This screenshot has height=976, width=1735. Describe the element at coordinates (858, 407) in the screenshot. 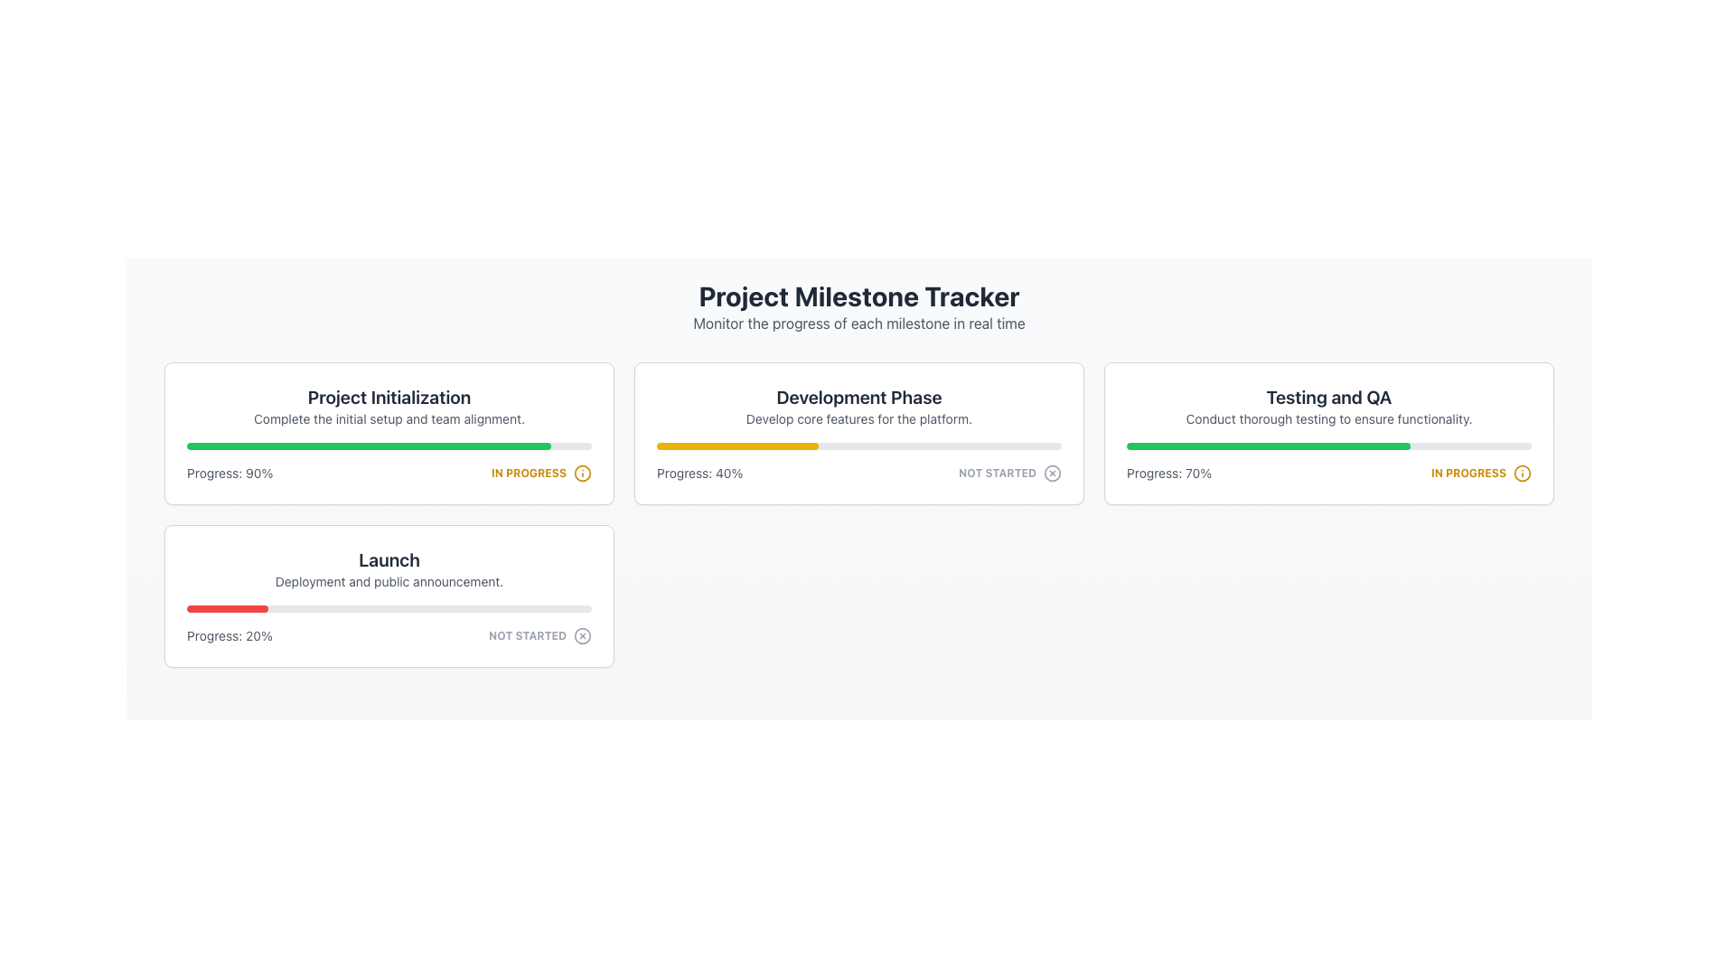

I see `text content located at the top of the central milestone card in the 2x2 grid layout, which provides the phase name and a short explanation of its purpose` at that location.